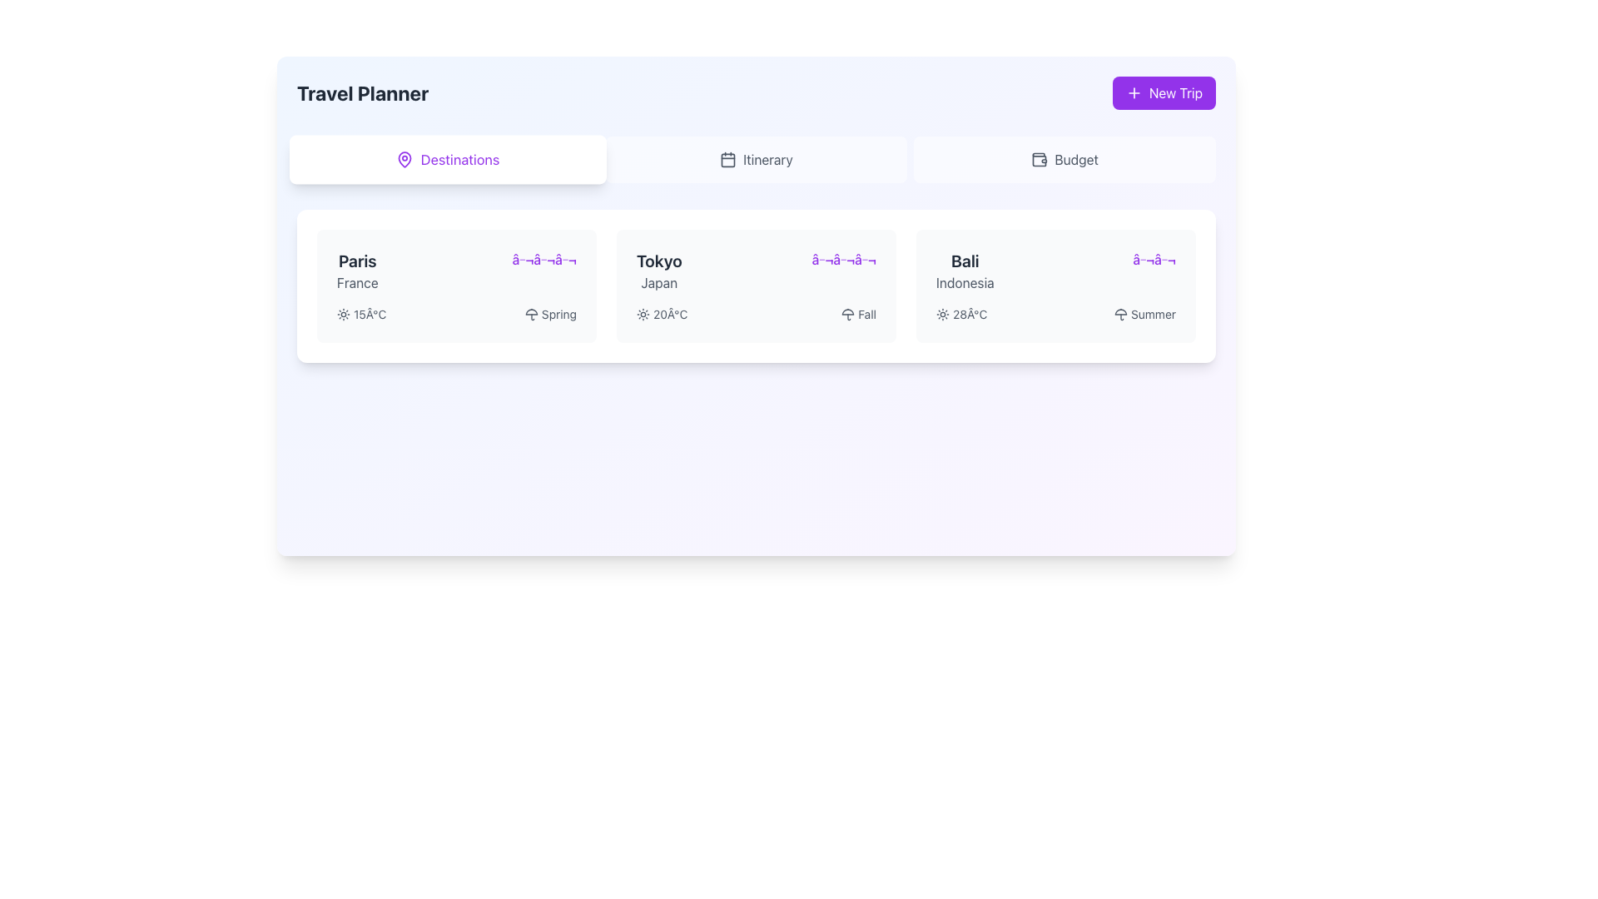 The image size is (1598, 899). What do you see at coordinates (728, 160) in the screenshot?
I see `the 'Itinerary' icon` at bounding box center [728, 160].